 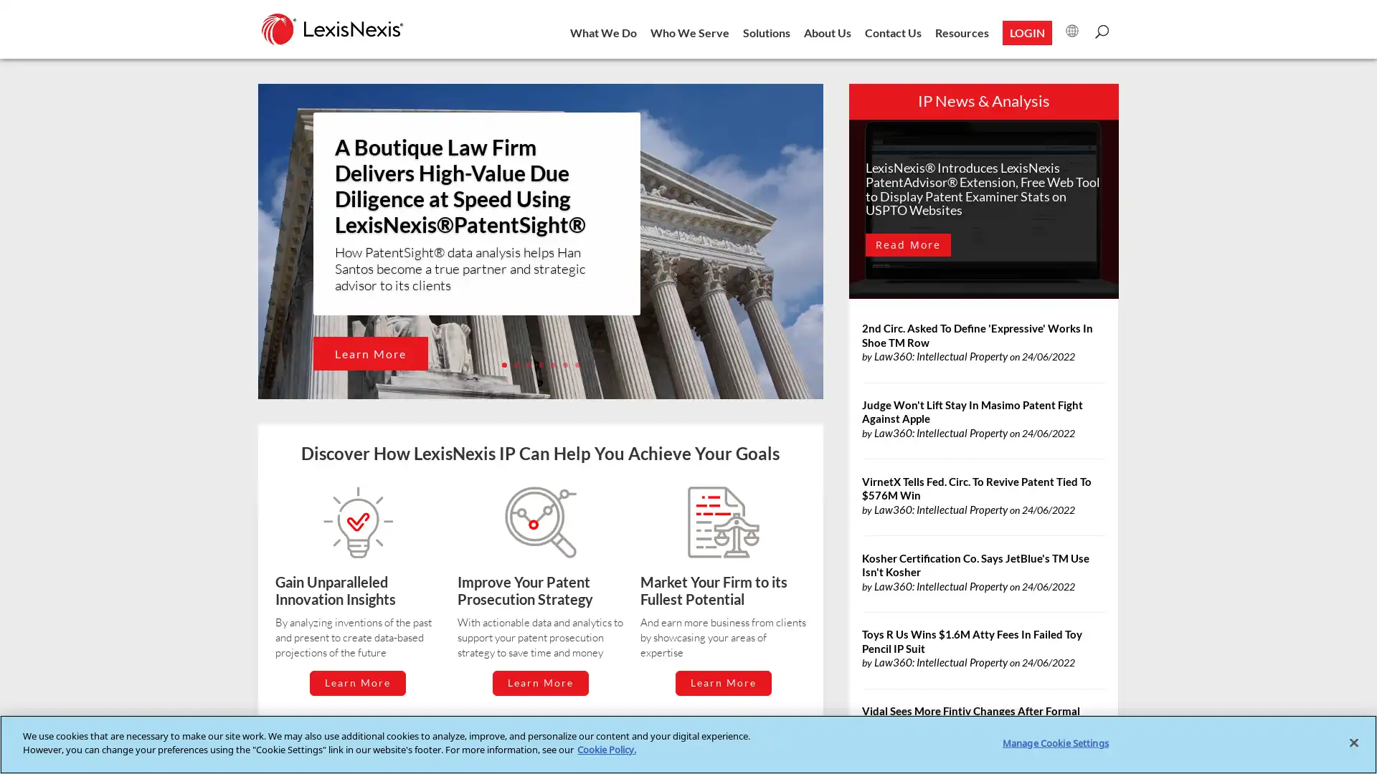 I want to click on Manage Cookie Settings, so click(x=1054, y=742).